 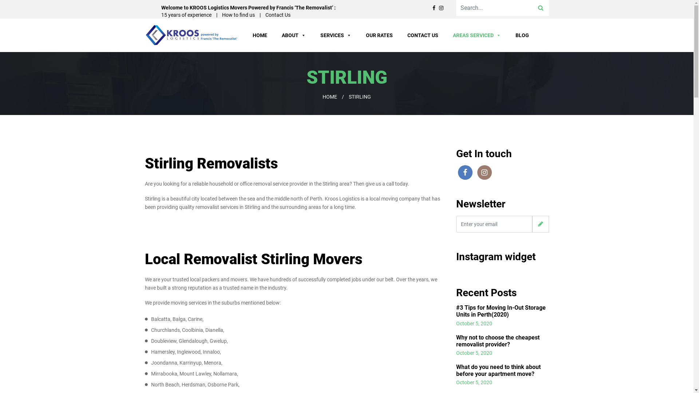 What do you see at coordinates (260, 35) in the screenshot?
I see `'HOME'` at bounding box center [260, 35].